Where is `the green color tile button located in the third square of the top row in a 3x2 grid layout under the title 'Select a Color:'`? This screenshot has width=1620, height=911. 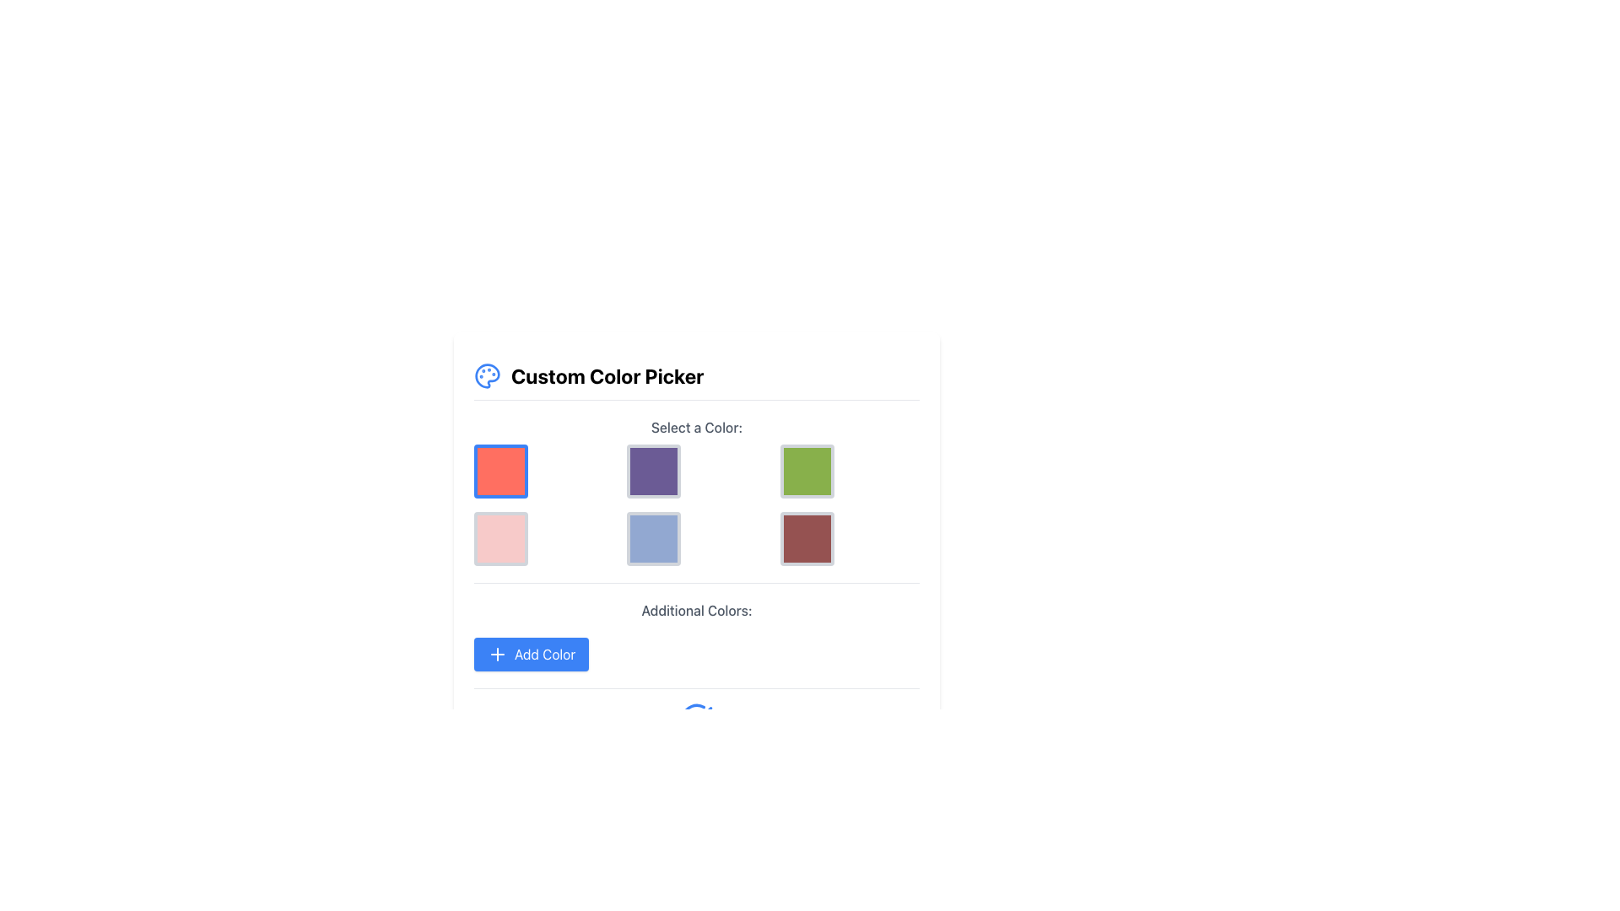
the green color tile button located in the third square of the top row in a 3x2 grid layout under the title 'Select a Color:' is located at coordinates (806, 472).